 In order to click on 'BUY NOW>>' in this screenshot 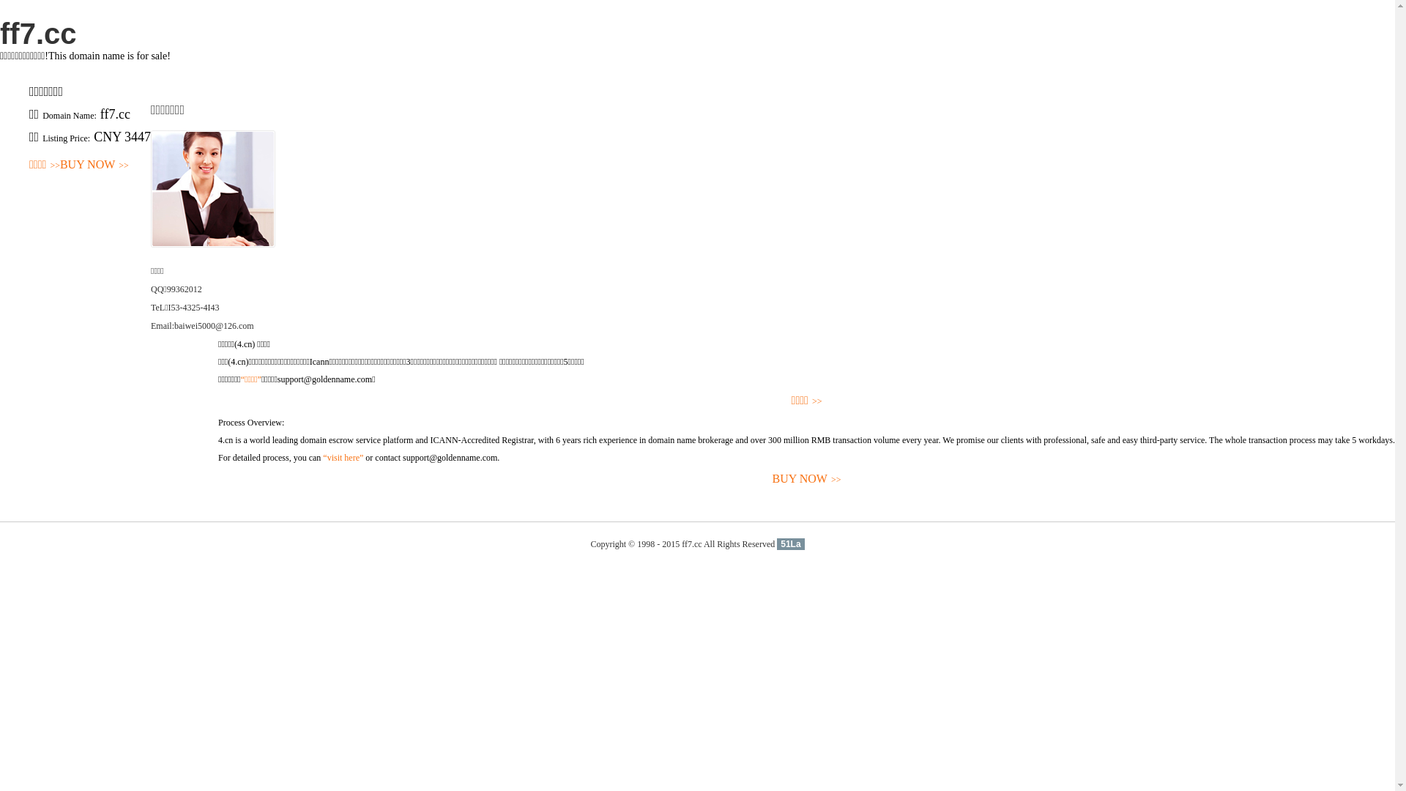, I will do `click(94, 165)`.